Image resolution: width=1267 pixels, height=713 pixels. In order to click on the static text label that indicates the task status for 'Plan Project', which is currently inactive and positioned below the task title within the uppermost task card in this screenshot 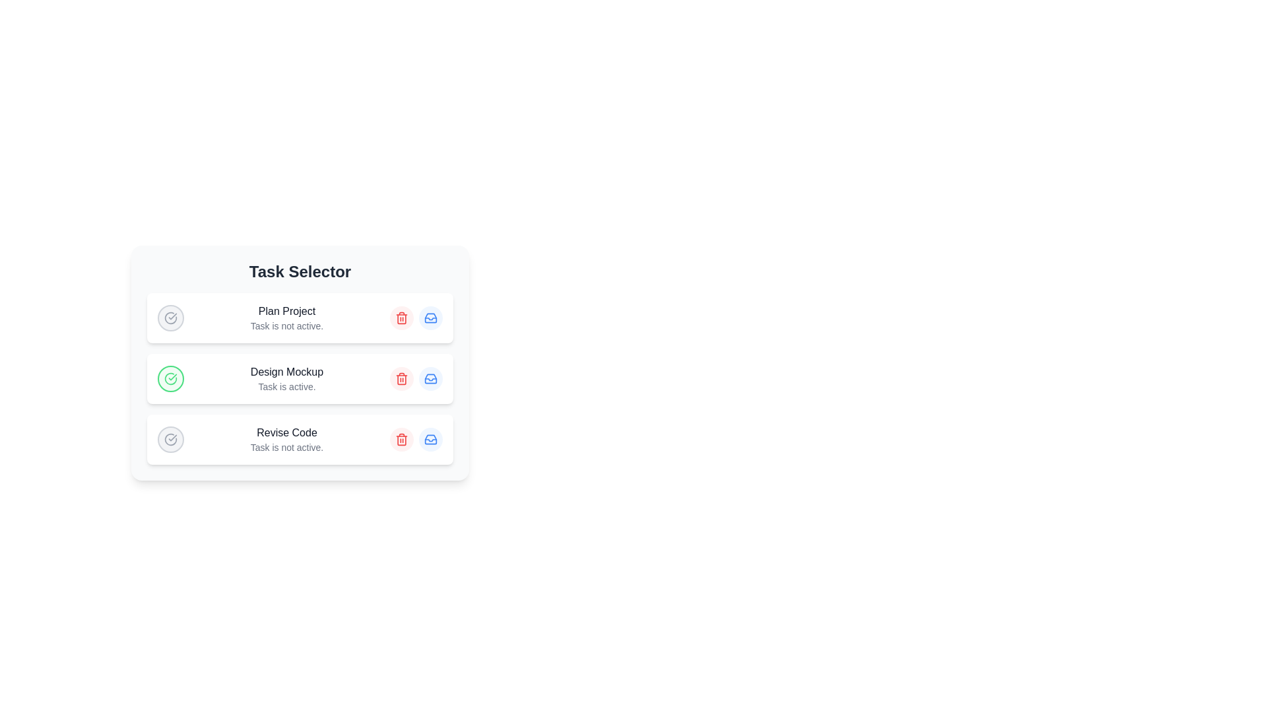, I will do `click(286, 325)`.